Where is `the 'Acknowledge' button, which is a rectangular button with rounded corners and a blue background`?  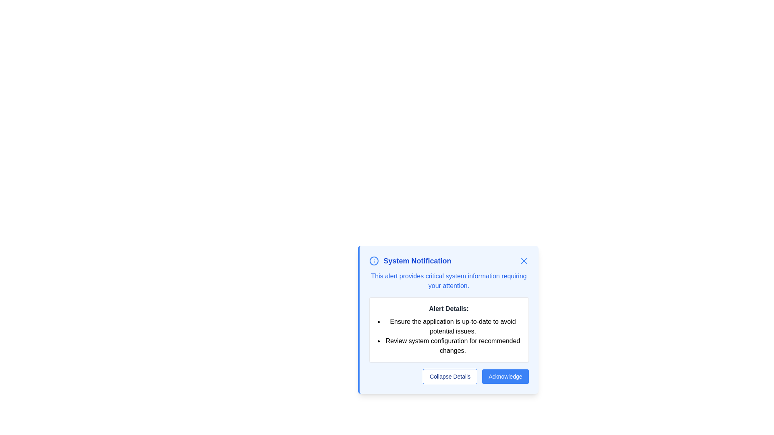 the 'Acknowledge' button, which is a rectangular button with rounded corners and a blue background is located at coordinates (505, 376).